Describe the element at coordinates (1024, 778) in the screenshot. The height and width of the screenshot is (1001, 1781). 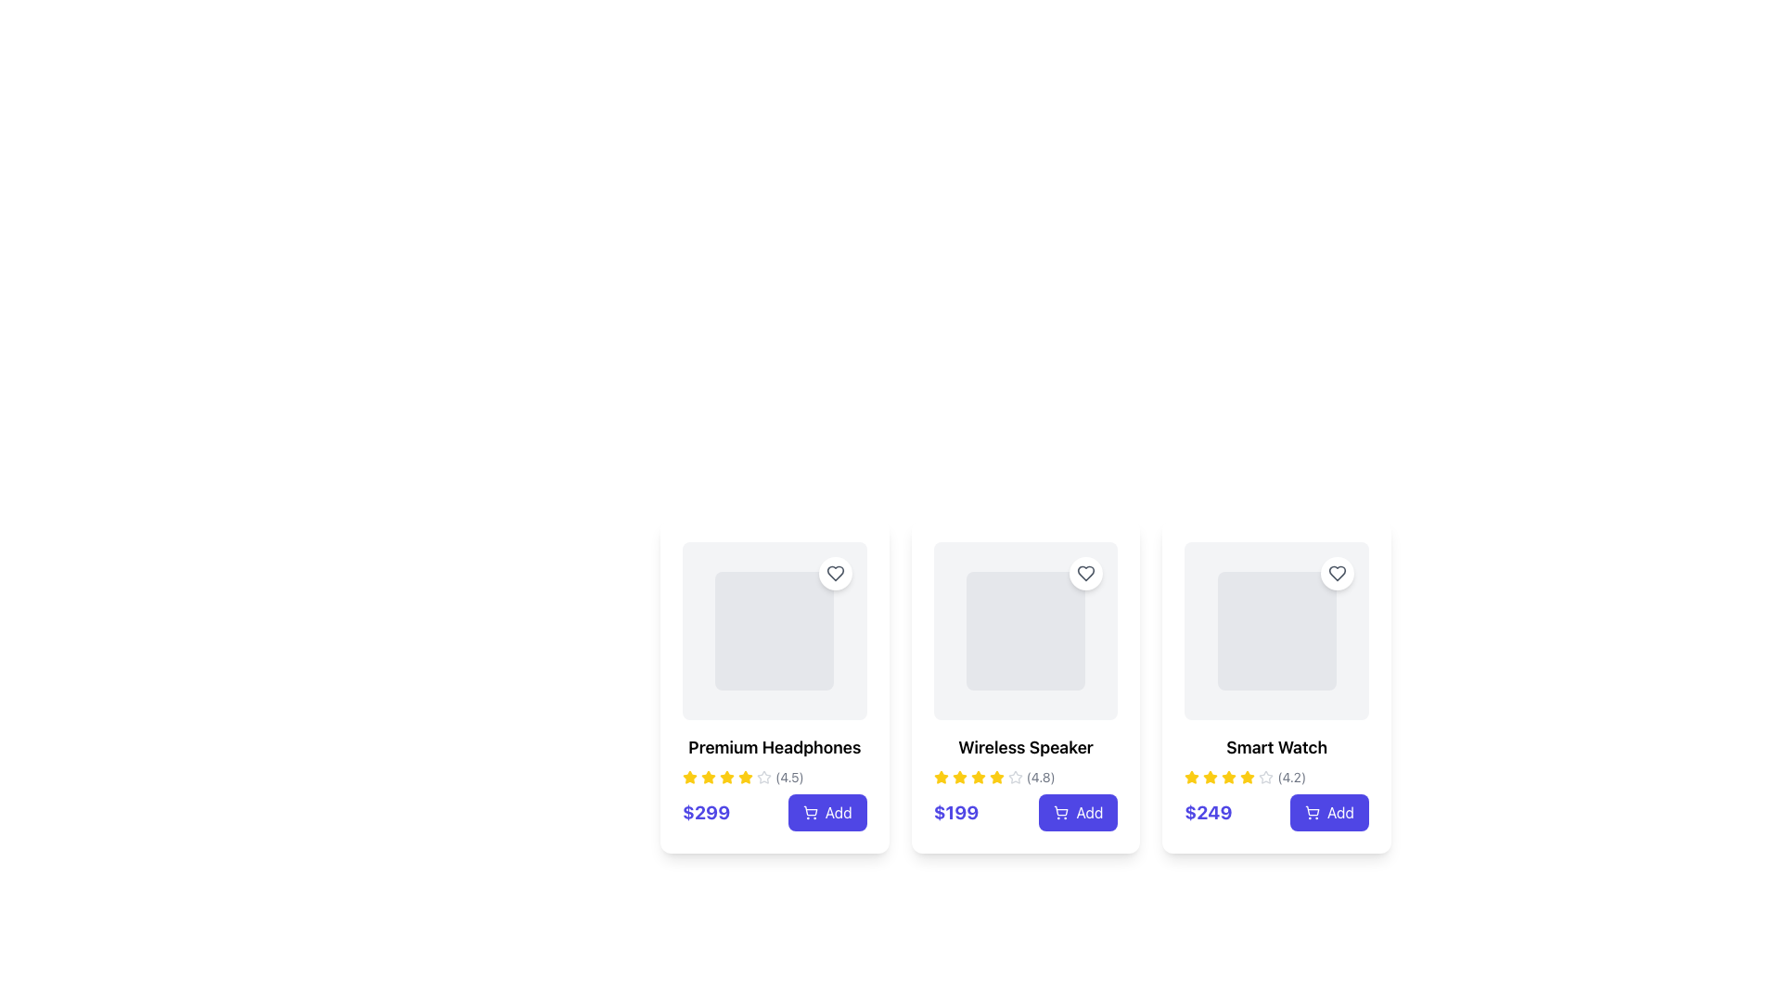
I see `the Visual Indicator - Rating Component for the 'Wireless Speaker', which is located in the second card from the left, below the item name and above the price` at that location.